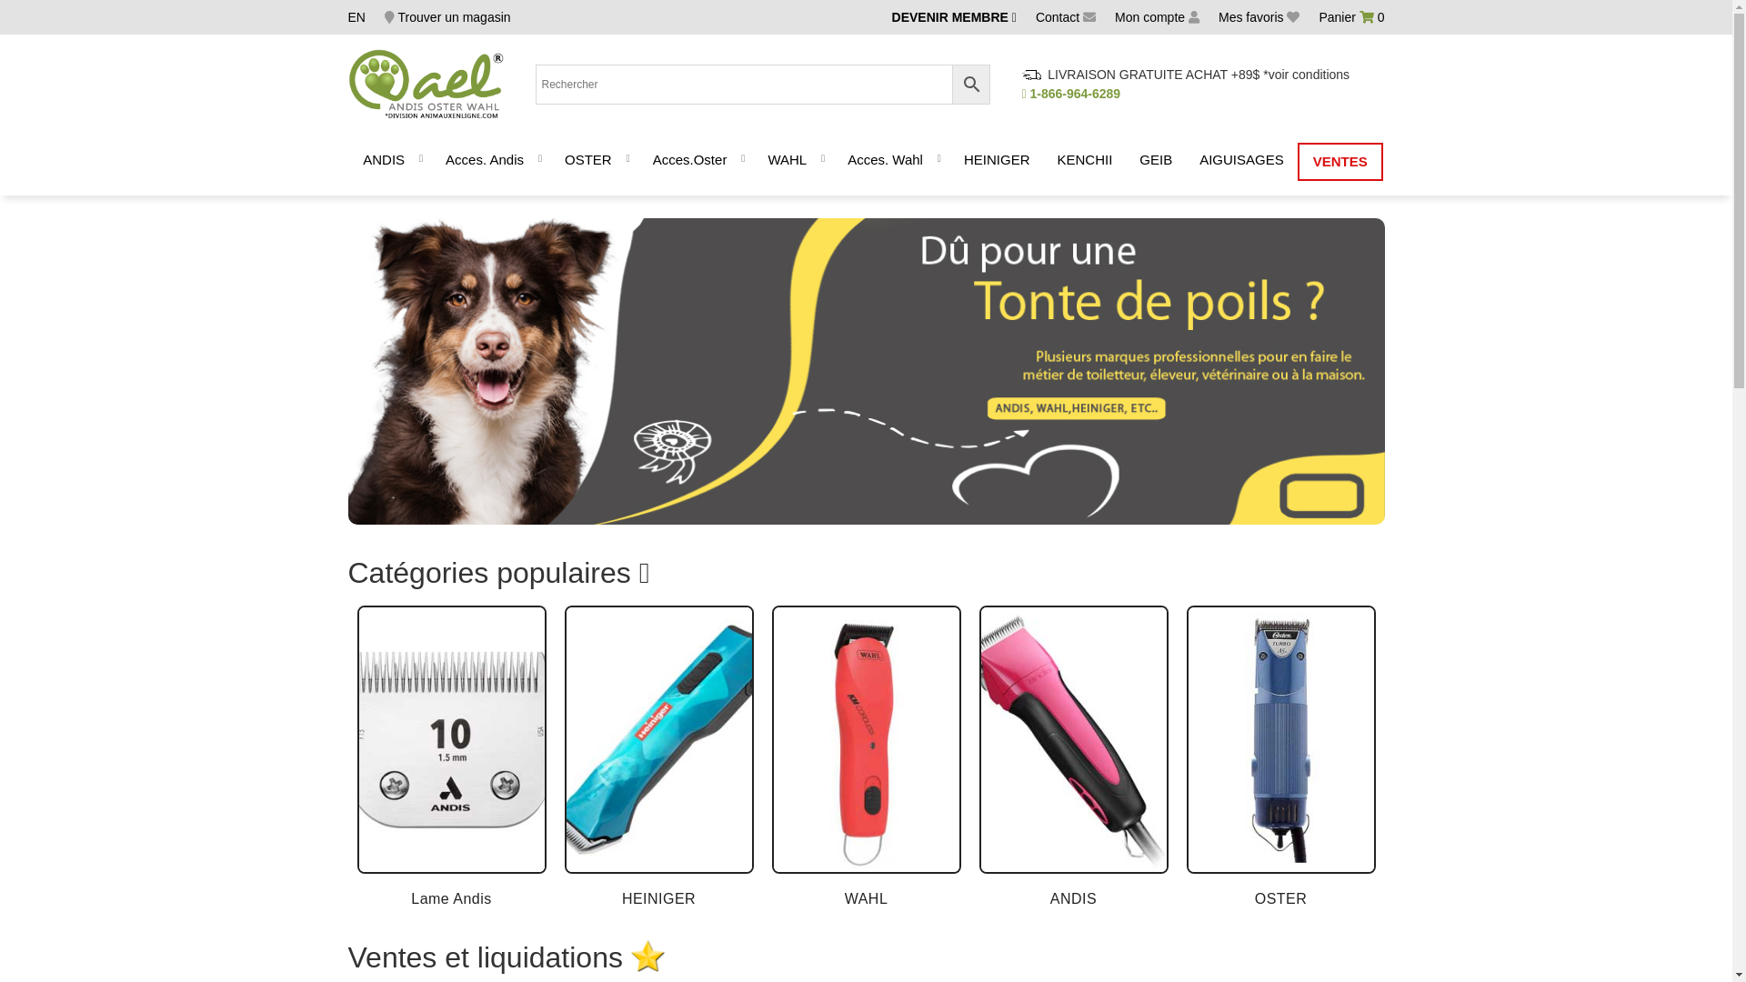  I want to click on 'Acces.Oster', so click(638, 160).